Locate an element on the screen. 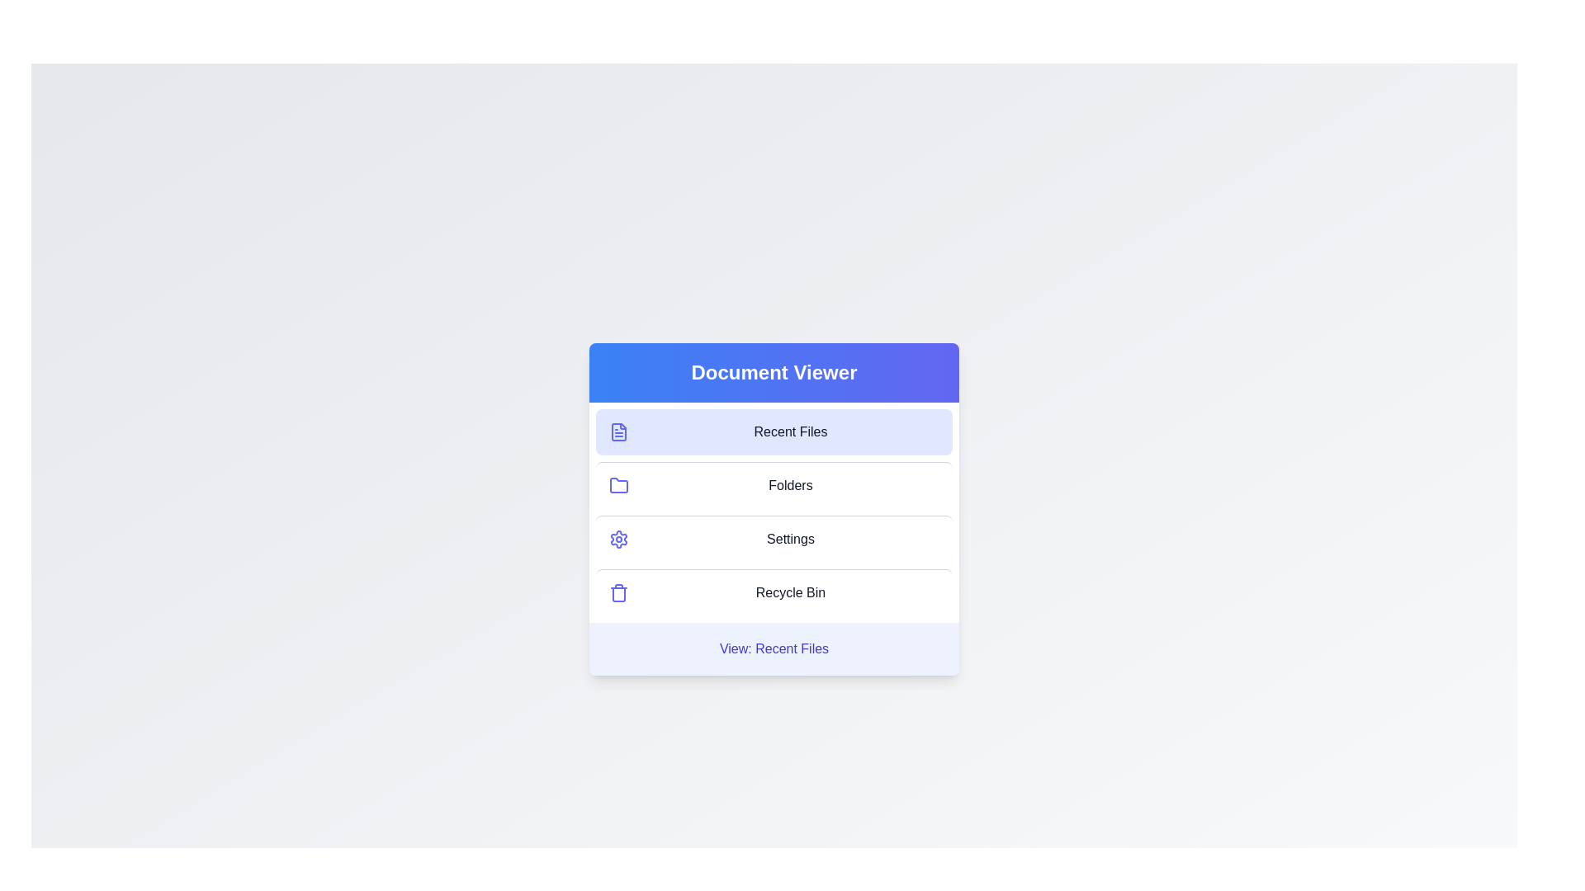 The width and height of the screenshot is (1585, 891). the menu item Folders to view its content is located at coordinates (773, 483).